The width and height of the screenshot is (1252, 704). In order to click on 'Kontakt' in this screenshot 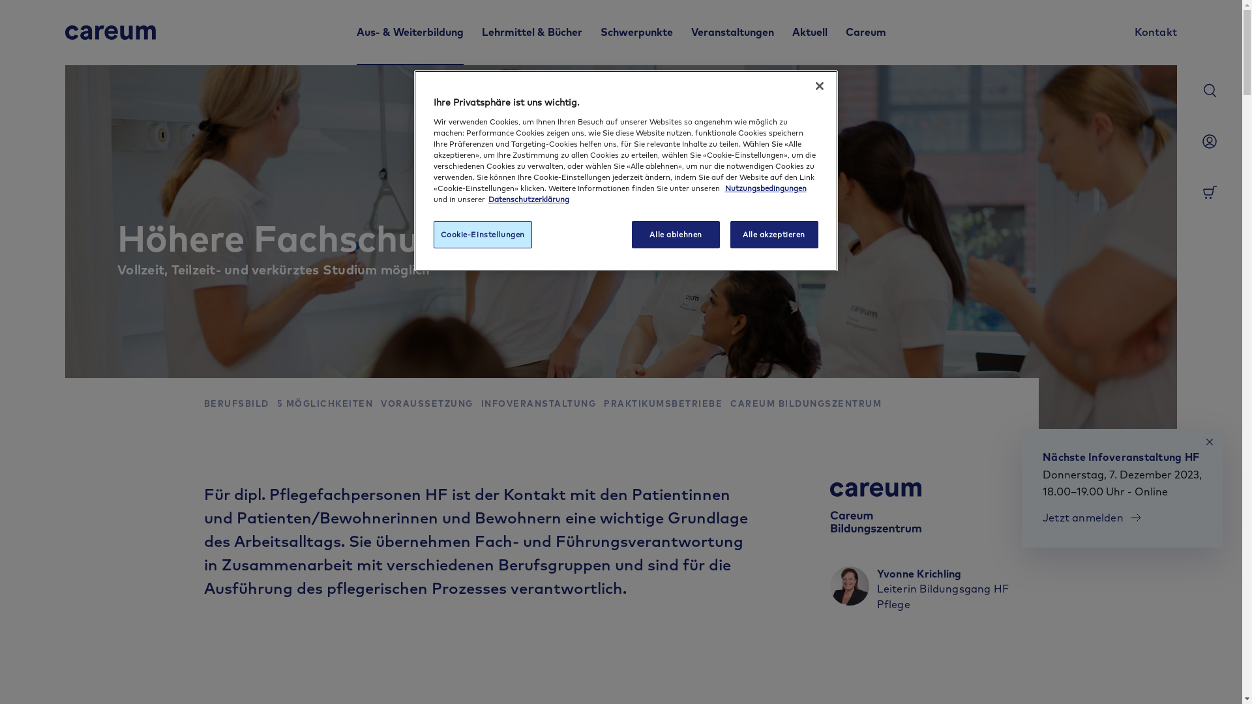, I will do `click(1133, 32)`.